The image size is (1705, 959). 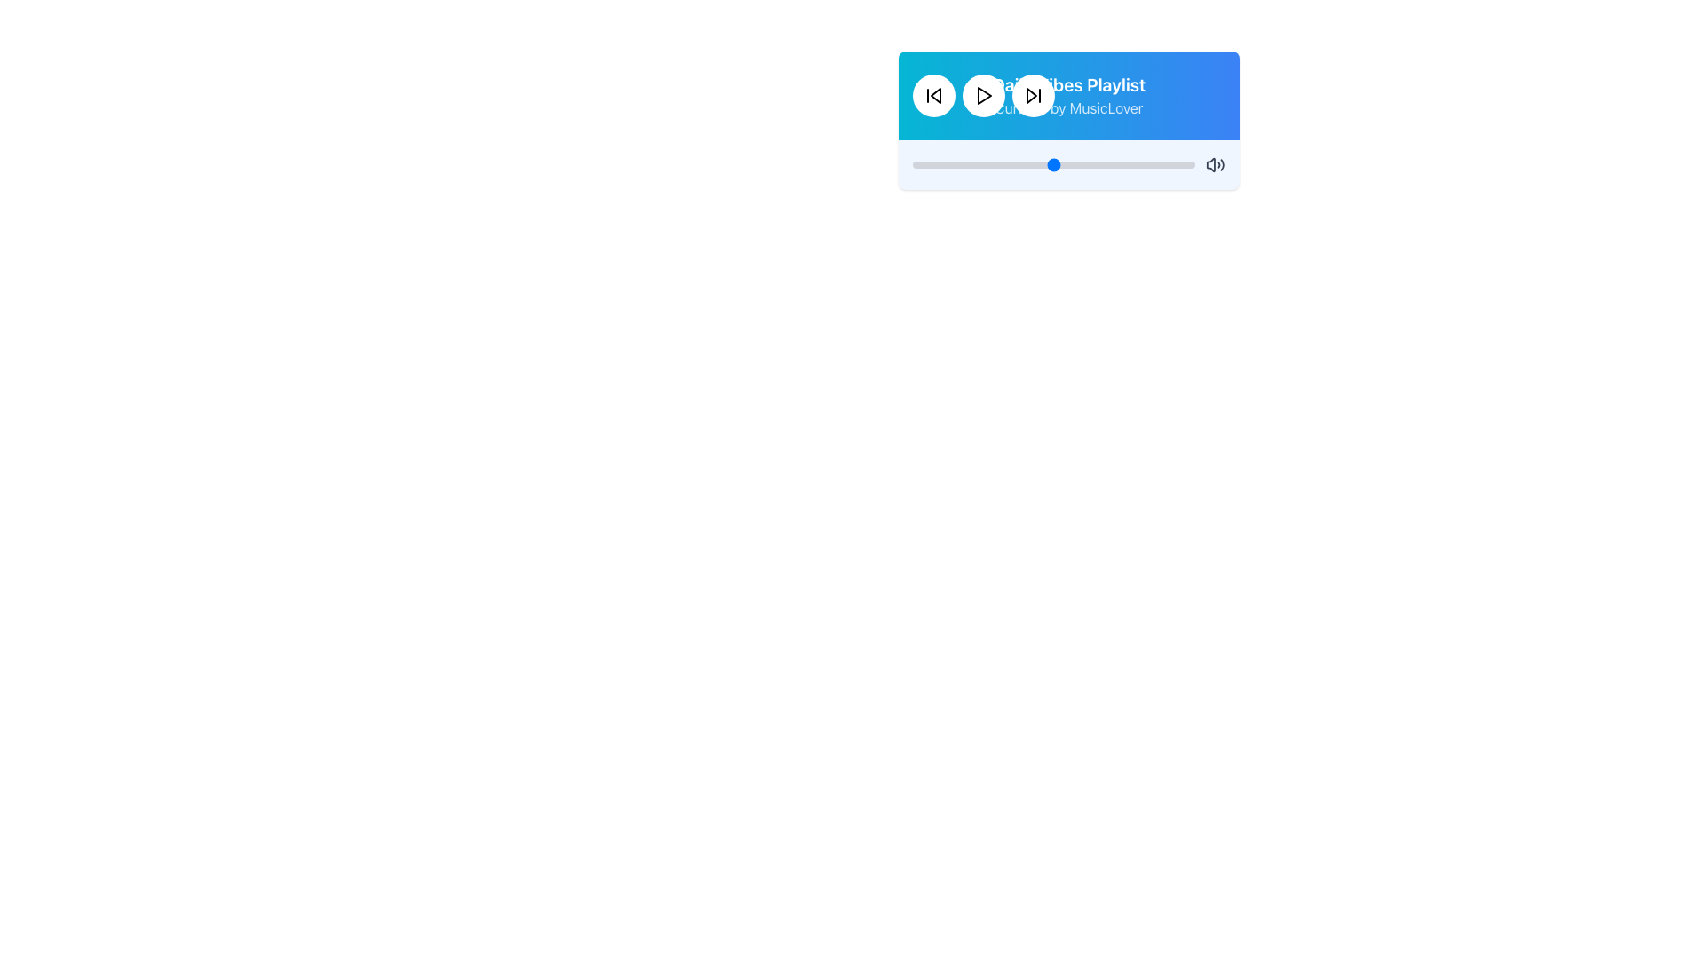 I want to click on the circular button with a white background and a black 'skip back' icon, so click(x=932, y=96).